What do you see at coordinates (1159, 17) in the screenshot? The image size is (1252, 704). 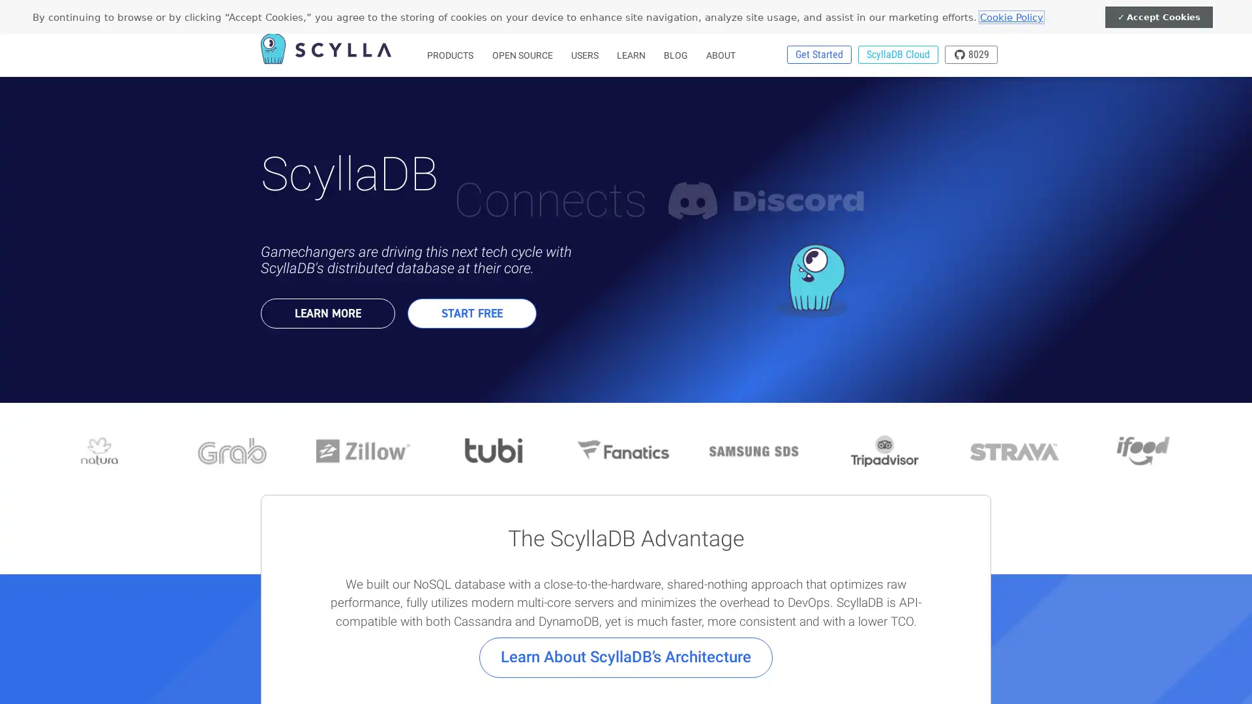 I see `Accept Cookies` at bounding box center [1159, 17].